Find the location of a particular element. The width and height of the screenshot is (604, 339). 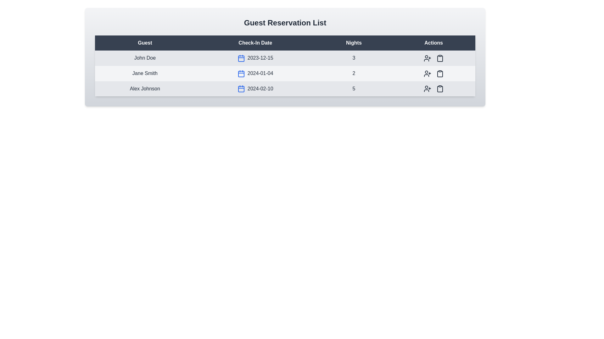

the text label displaying 'Alex Johnson' which is located in the third row of the table under the 'Guest' column is located at coordinates (144, 89).